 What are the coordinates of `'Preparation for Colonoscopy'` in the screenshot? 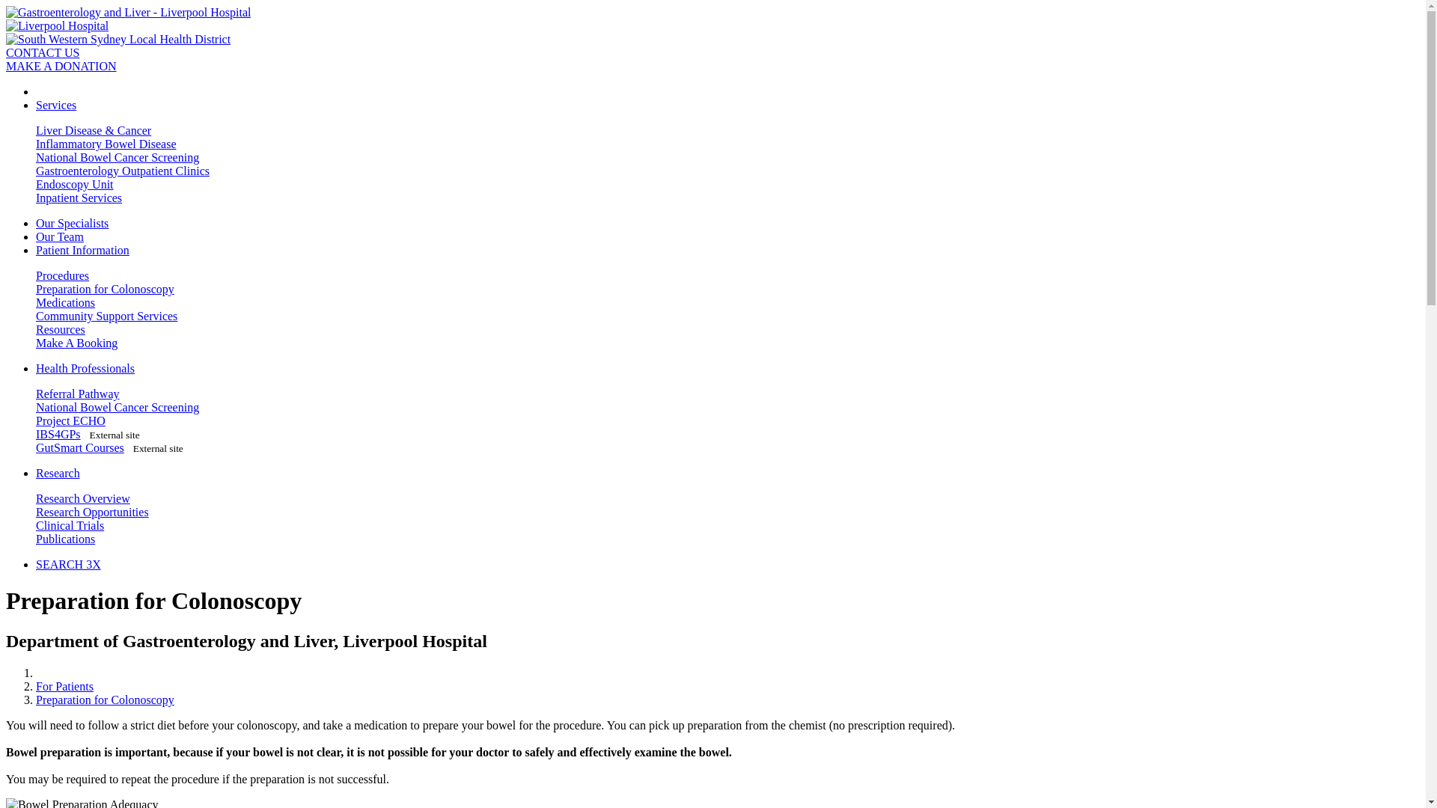 It's located at (104, 700).